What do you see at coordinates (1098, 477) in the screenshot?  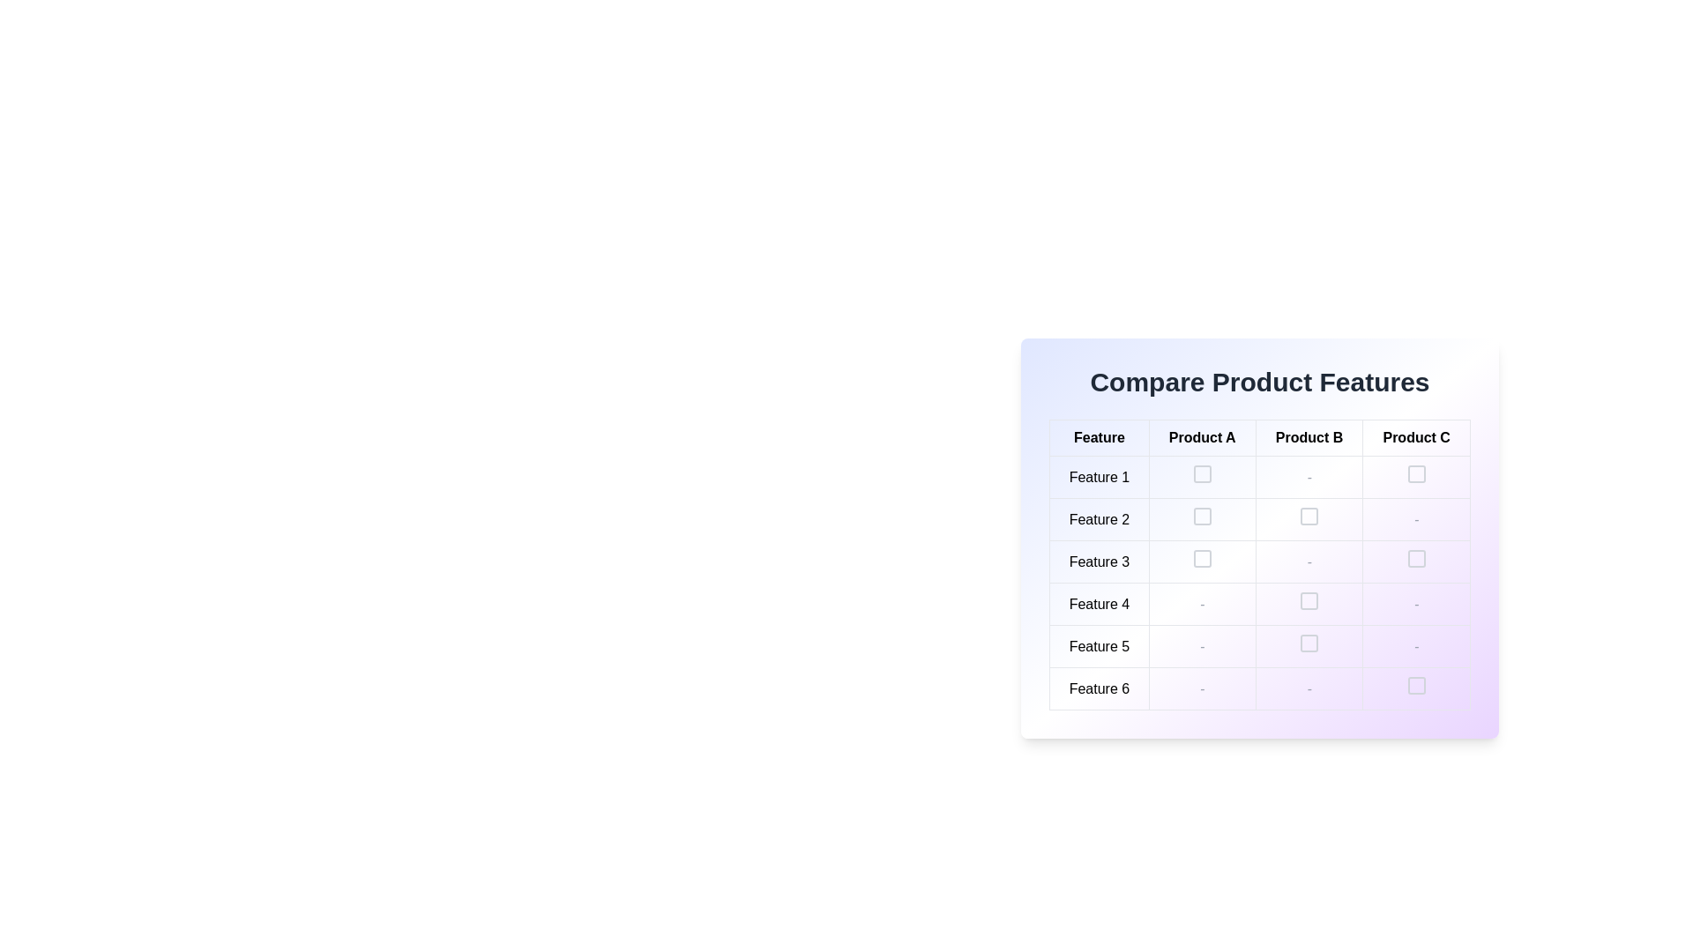 I see `the text label styled as a table cell containing 'Feature 1', which is located in the first row under the 'Feature' column of the product comparison table` at bounding box center [1098, 477].